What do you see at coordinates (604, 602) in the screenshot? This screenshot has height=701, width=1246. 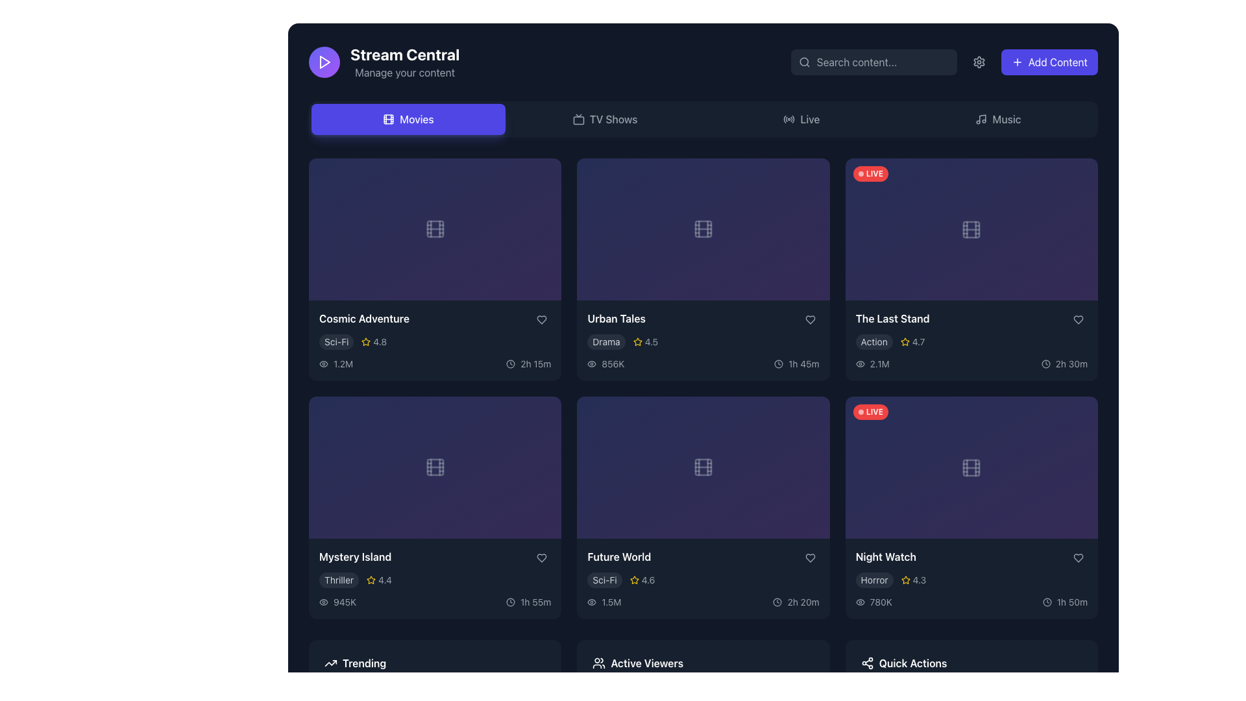 I see `the view count displayed on the Icon located under the content title of the 'Future World' content card in the 'Movies' section` at bounding box center [604, 602].